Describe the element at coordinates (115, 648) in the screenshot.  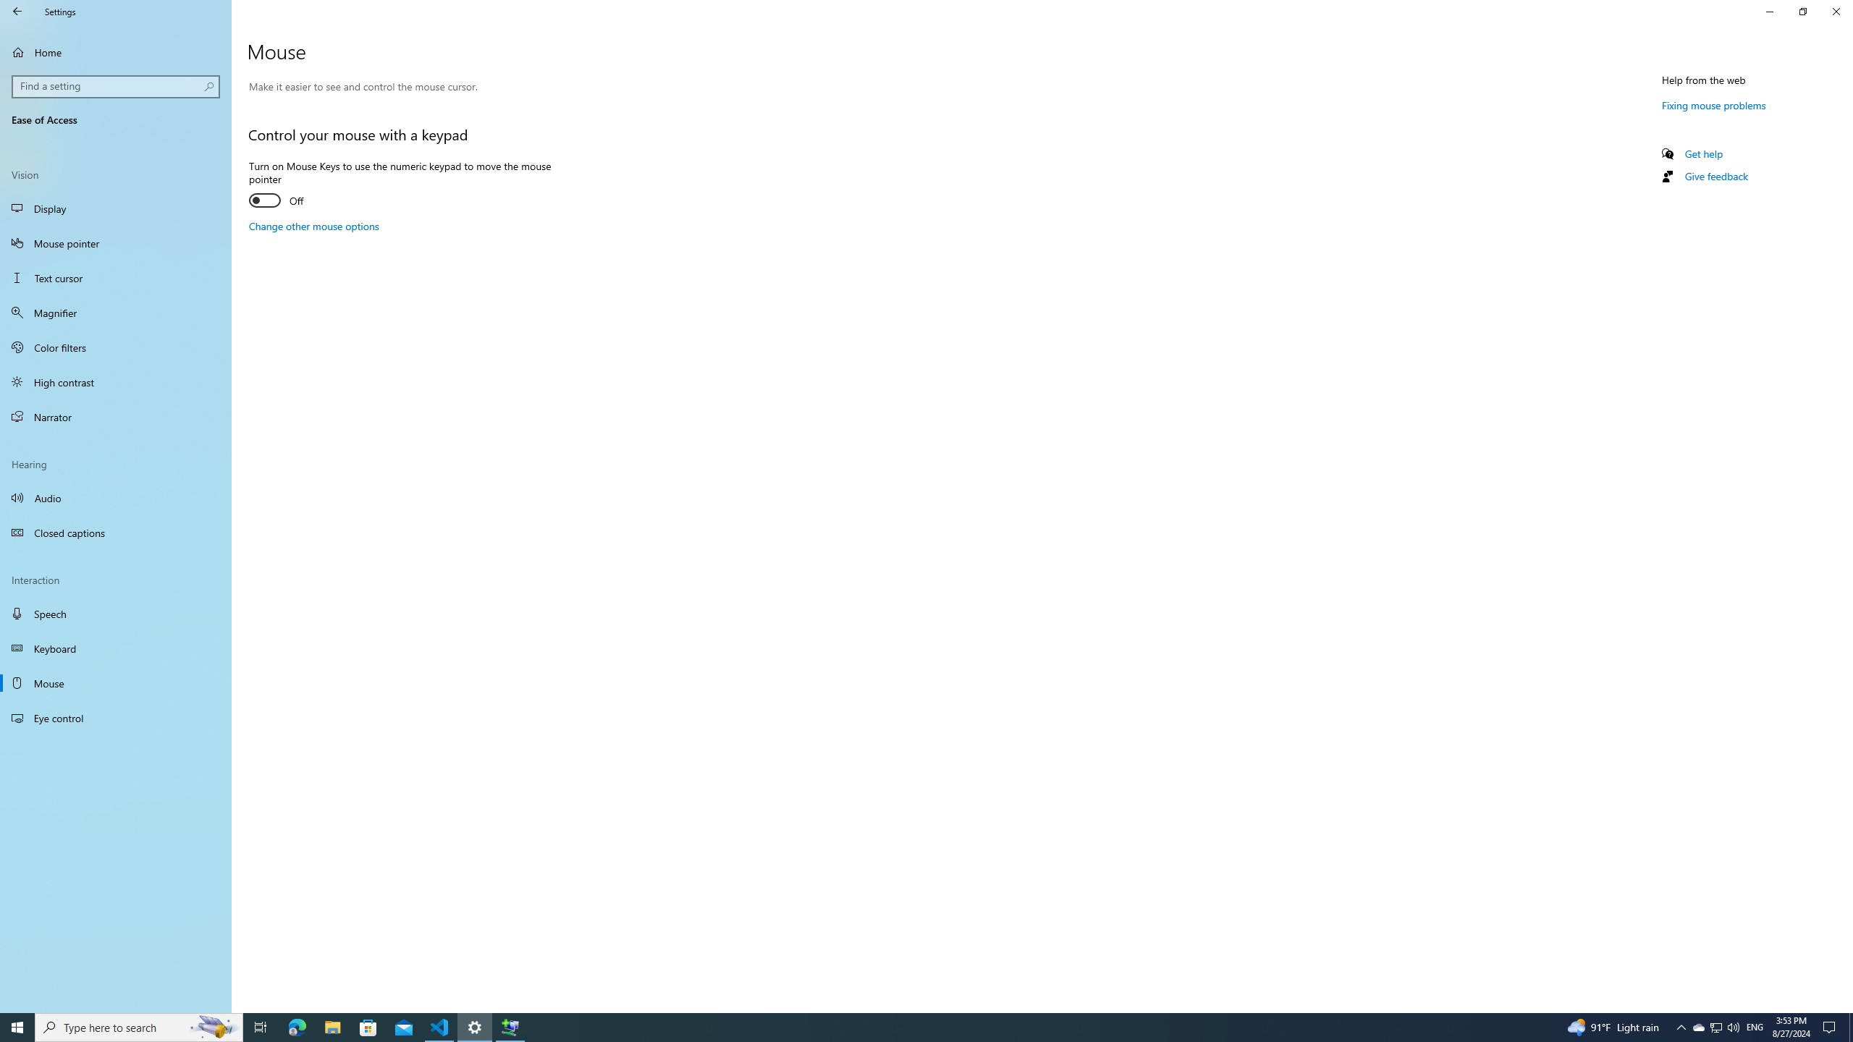
I see `'Keyboard'` at that location.